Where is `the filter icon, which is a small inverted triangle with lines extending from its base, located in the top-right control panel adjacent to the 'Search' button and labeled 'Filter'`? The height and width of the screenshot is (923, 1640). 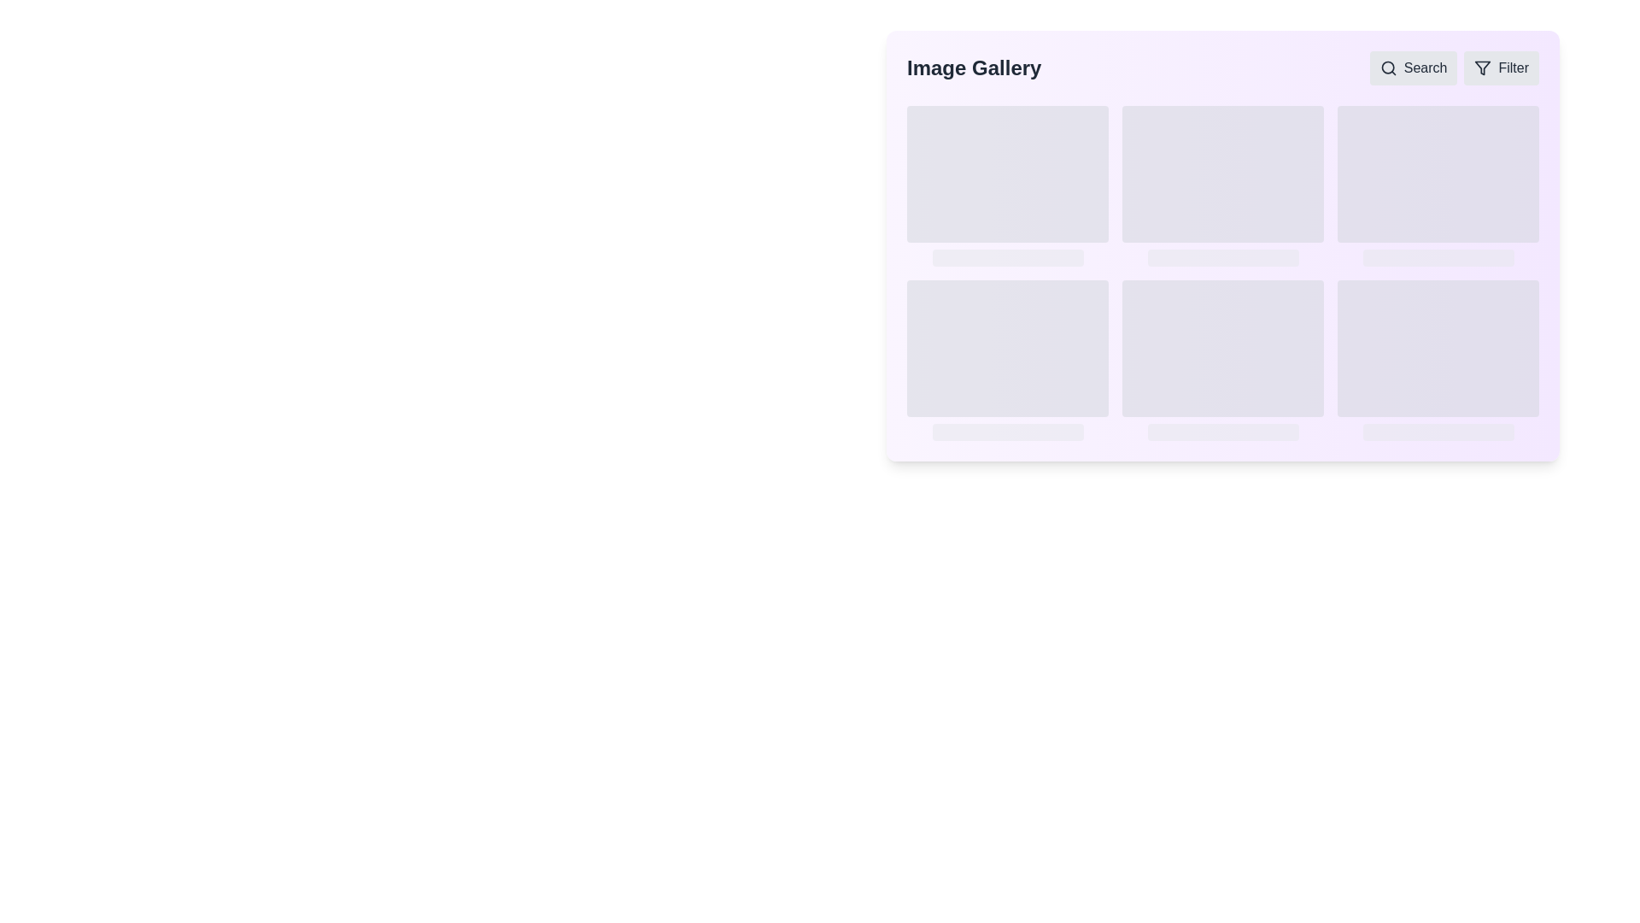 the filter icon, which is a small inverted triangle with lines extending from its base, located in the top-right control panel adjacent to the 'Search' button and labeled 'Filter' is located at coordinates (1482, 68).